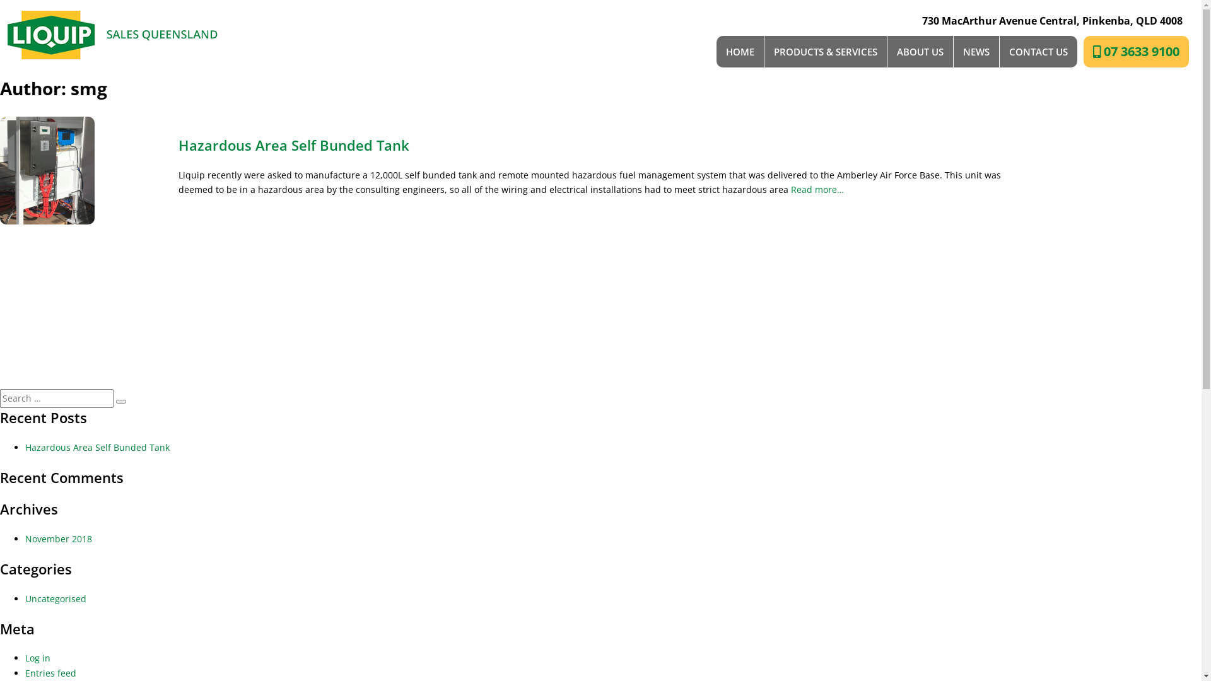 Image resolution: width=1211 pixels, height=681 pixels. I want to click on 'Log in', so click(25, 657).